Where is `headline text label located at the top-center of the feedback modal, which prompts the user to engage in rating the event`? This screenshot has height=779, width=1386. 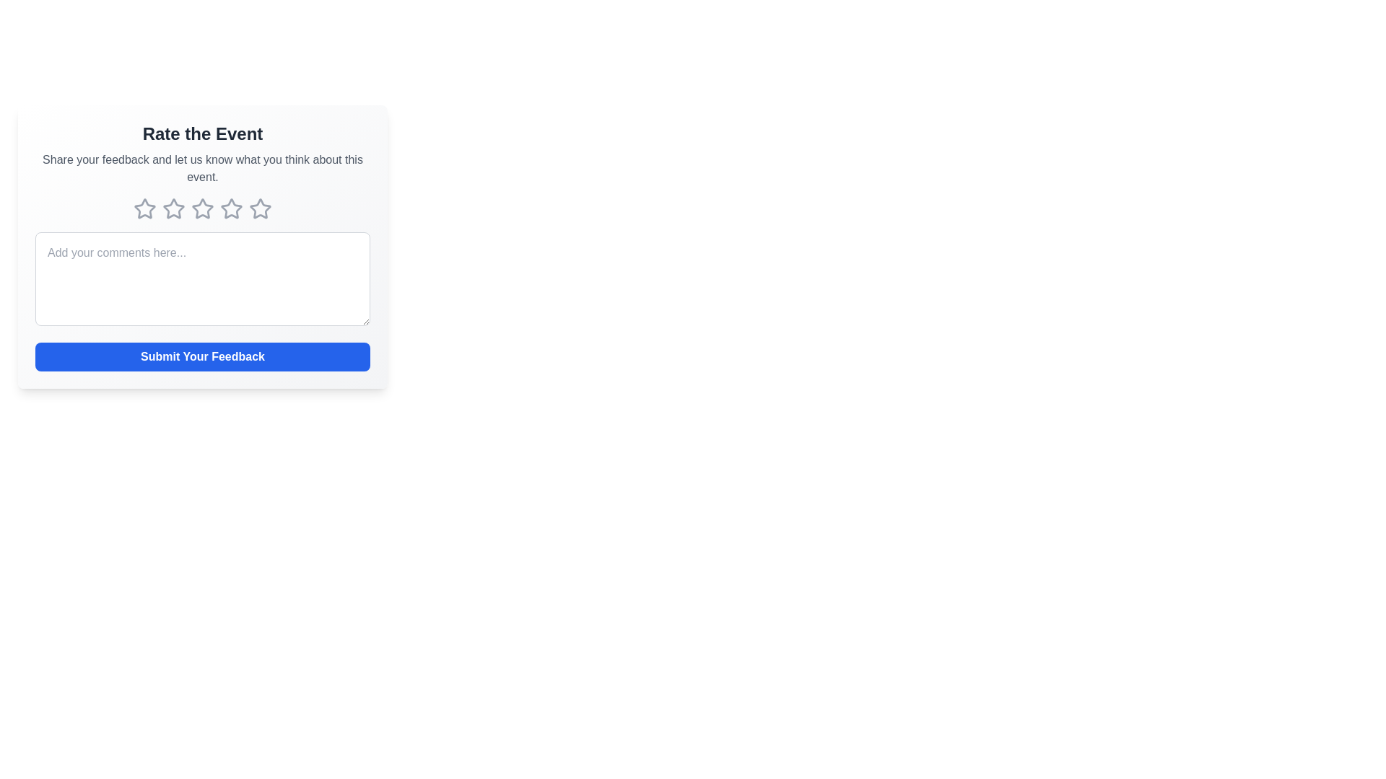
headline text label located at the top-center of the feedback modal, which prompts the user to engage in rating the event is located at coordinates (202, 133).